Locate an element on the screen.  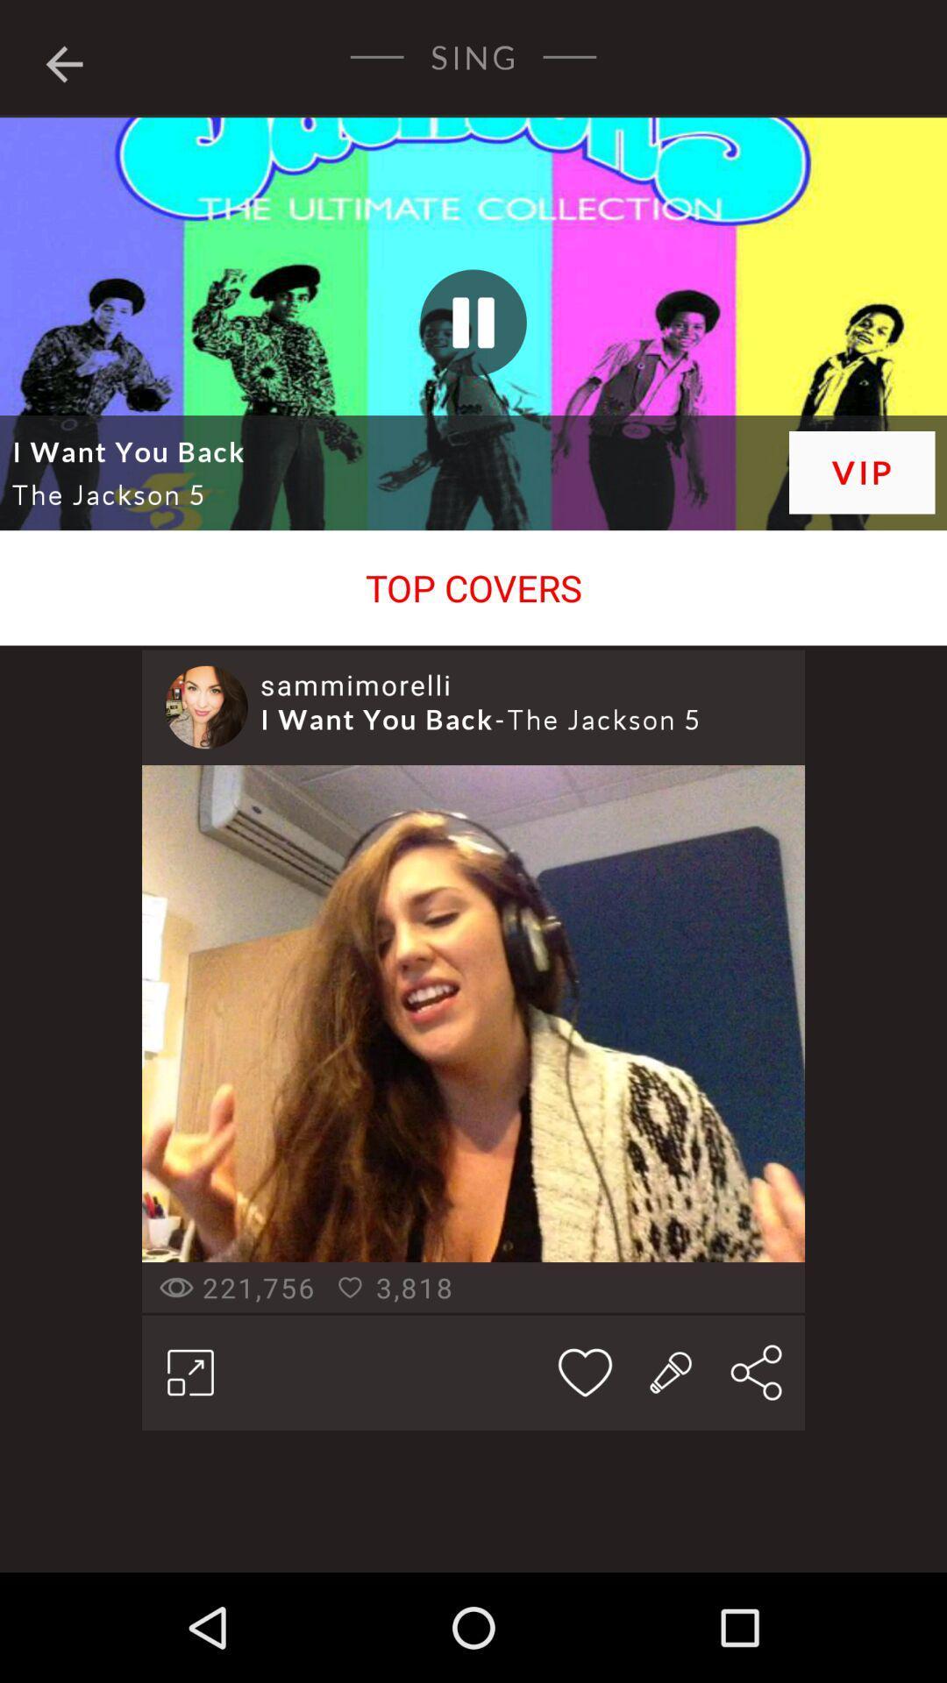
the item below the top covers item is located at coordinates (205, 707).